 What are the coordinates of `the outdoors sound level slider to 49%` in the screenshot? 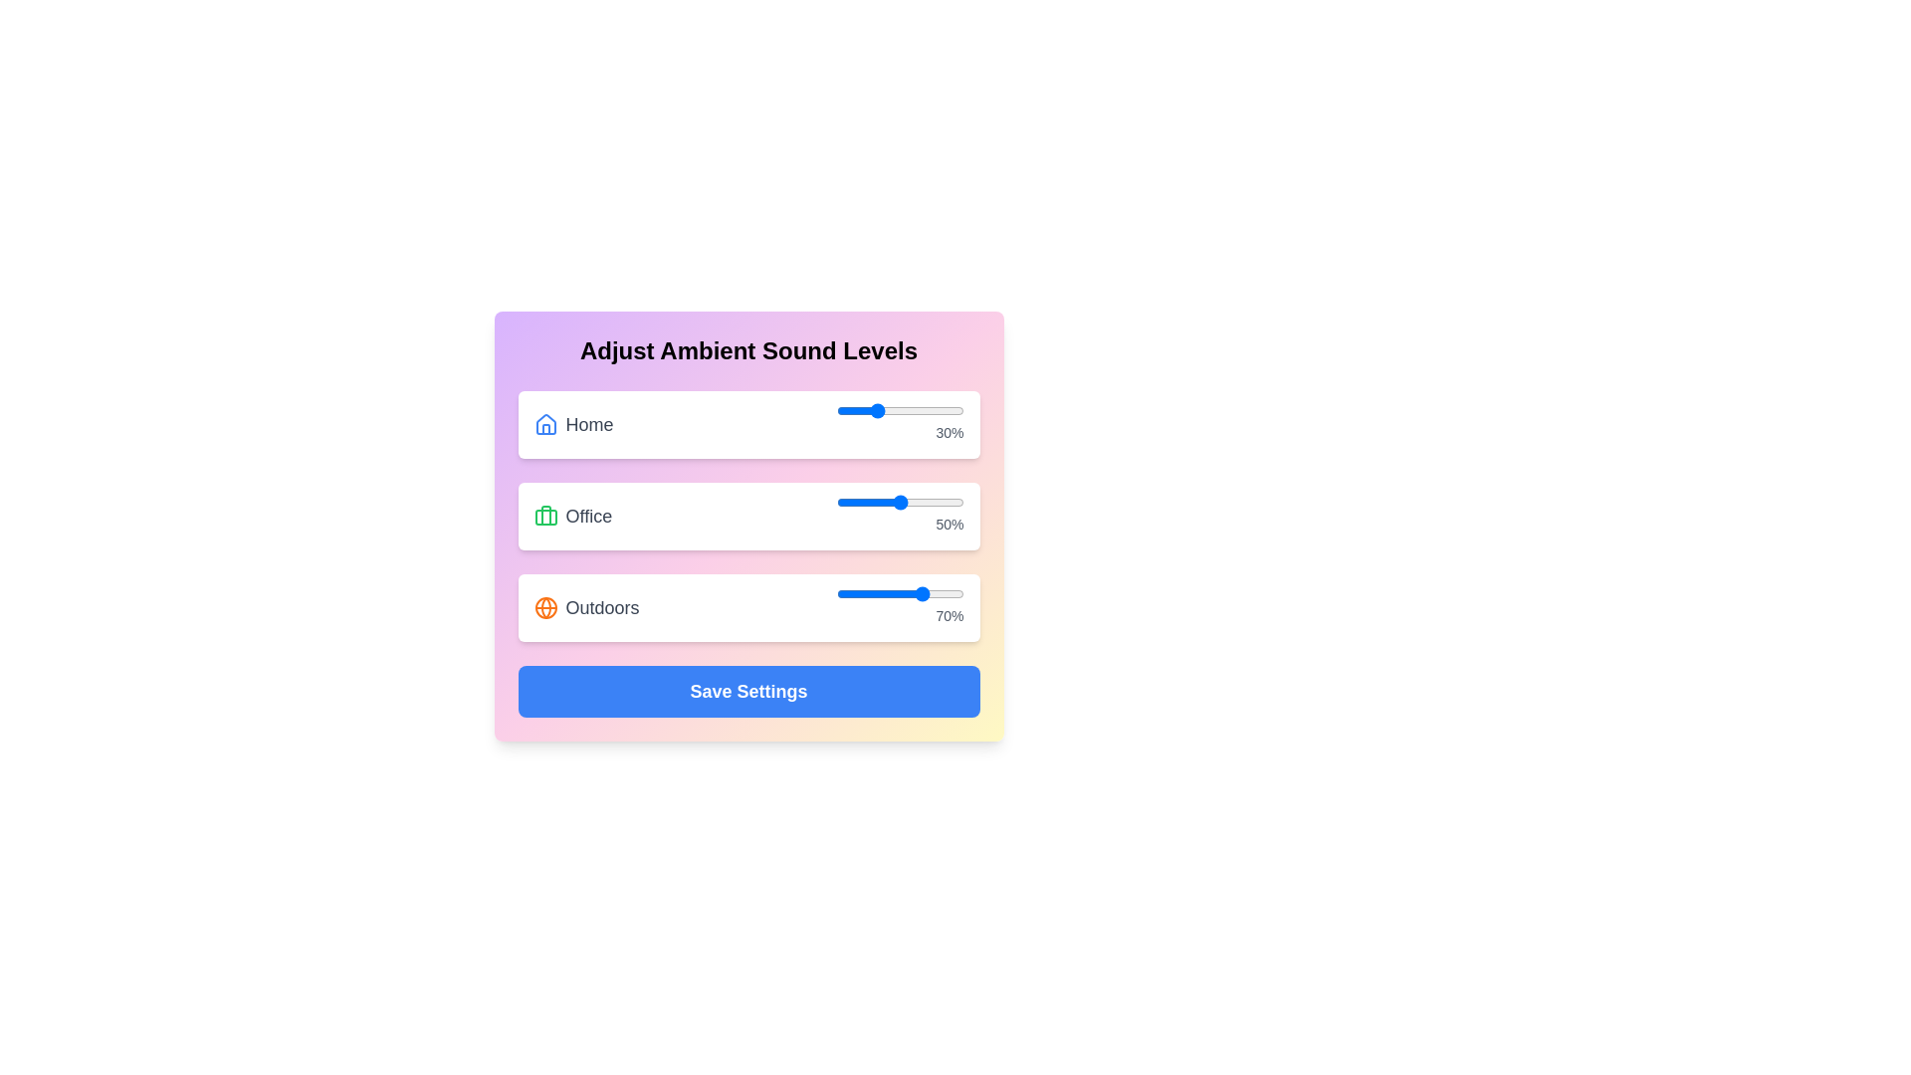 It's located at (898, 593).